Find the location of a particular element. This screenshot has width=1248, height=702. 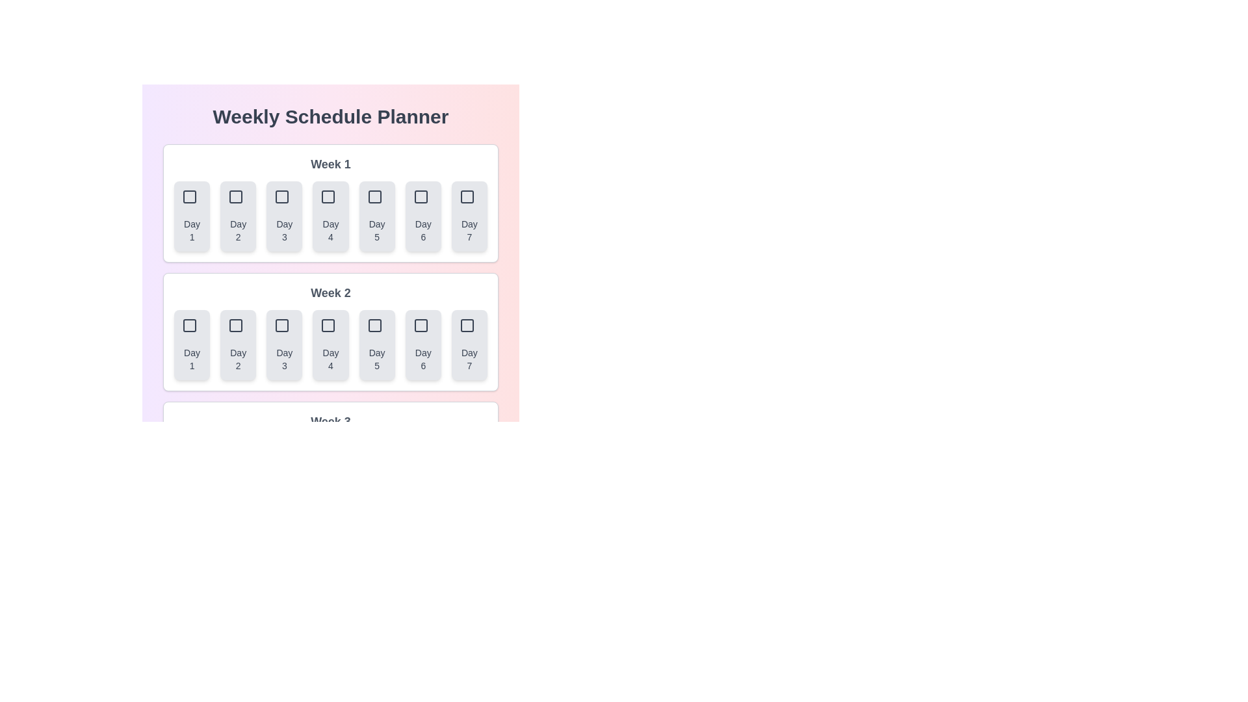

the button corresponding to Week 1 and Day 7 to select that day is located at coordinates (468, 215).